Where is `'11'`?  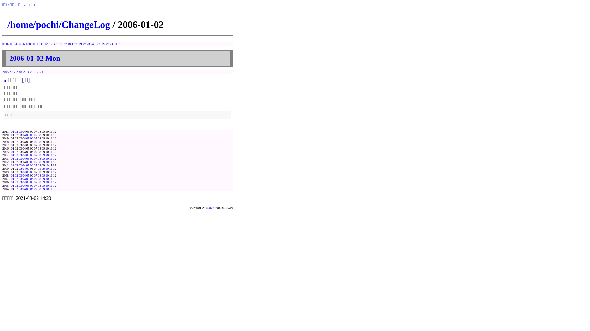
'11' is located at coordinates (51, 188).